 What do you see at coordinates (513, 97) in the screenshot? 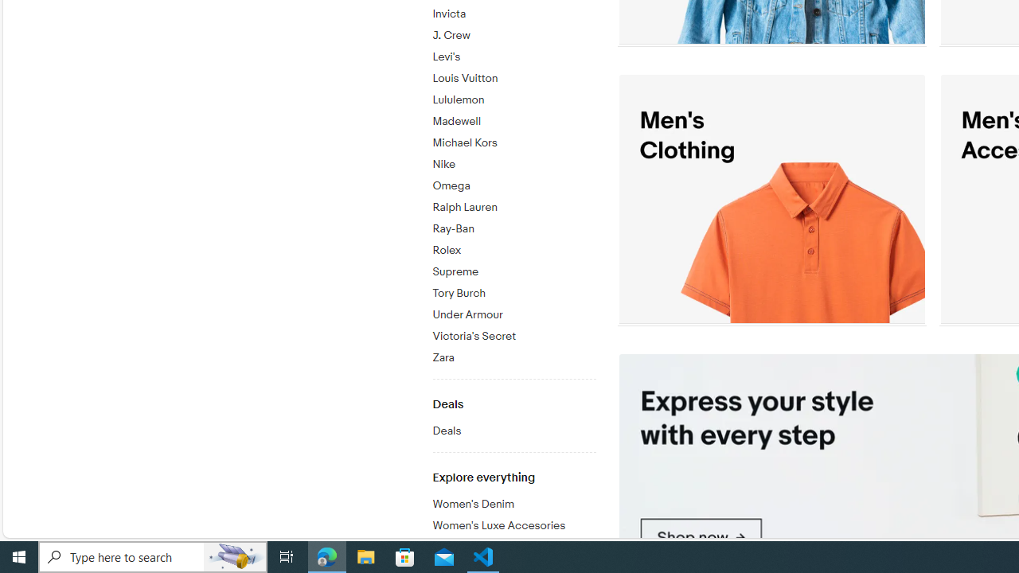
I see `'Lululemon'` at bounding box center [513, 97].